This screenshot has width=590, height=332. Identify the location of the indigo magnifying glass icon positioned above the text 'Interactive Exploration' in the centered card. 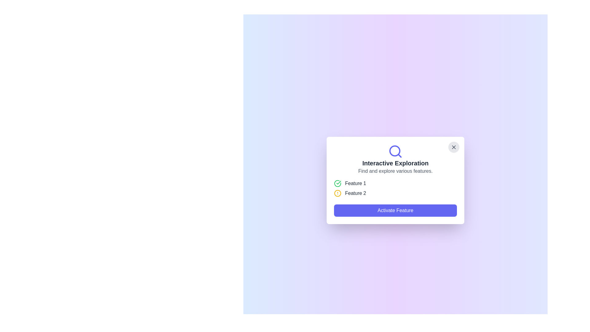
(395, 152).